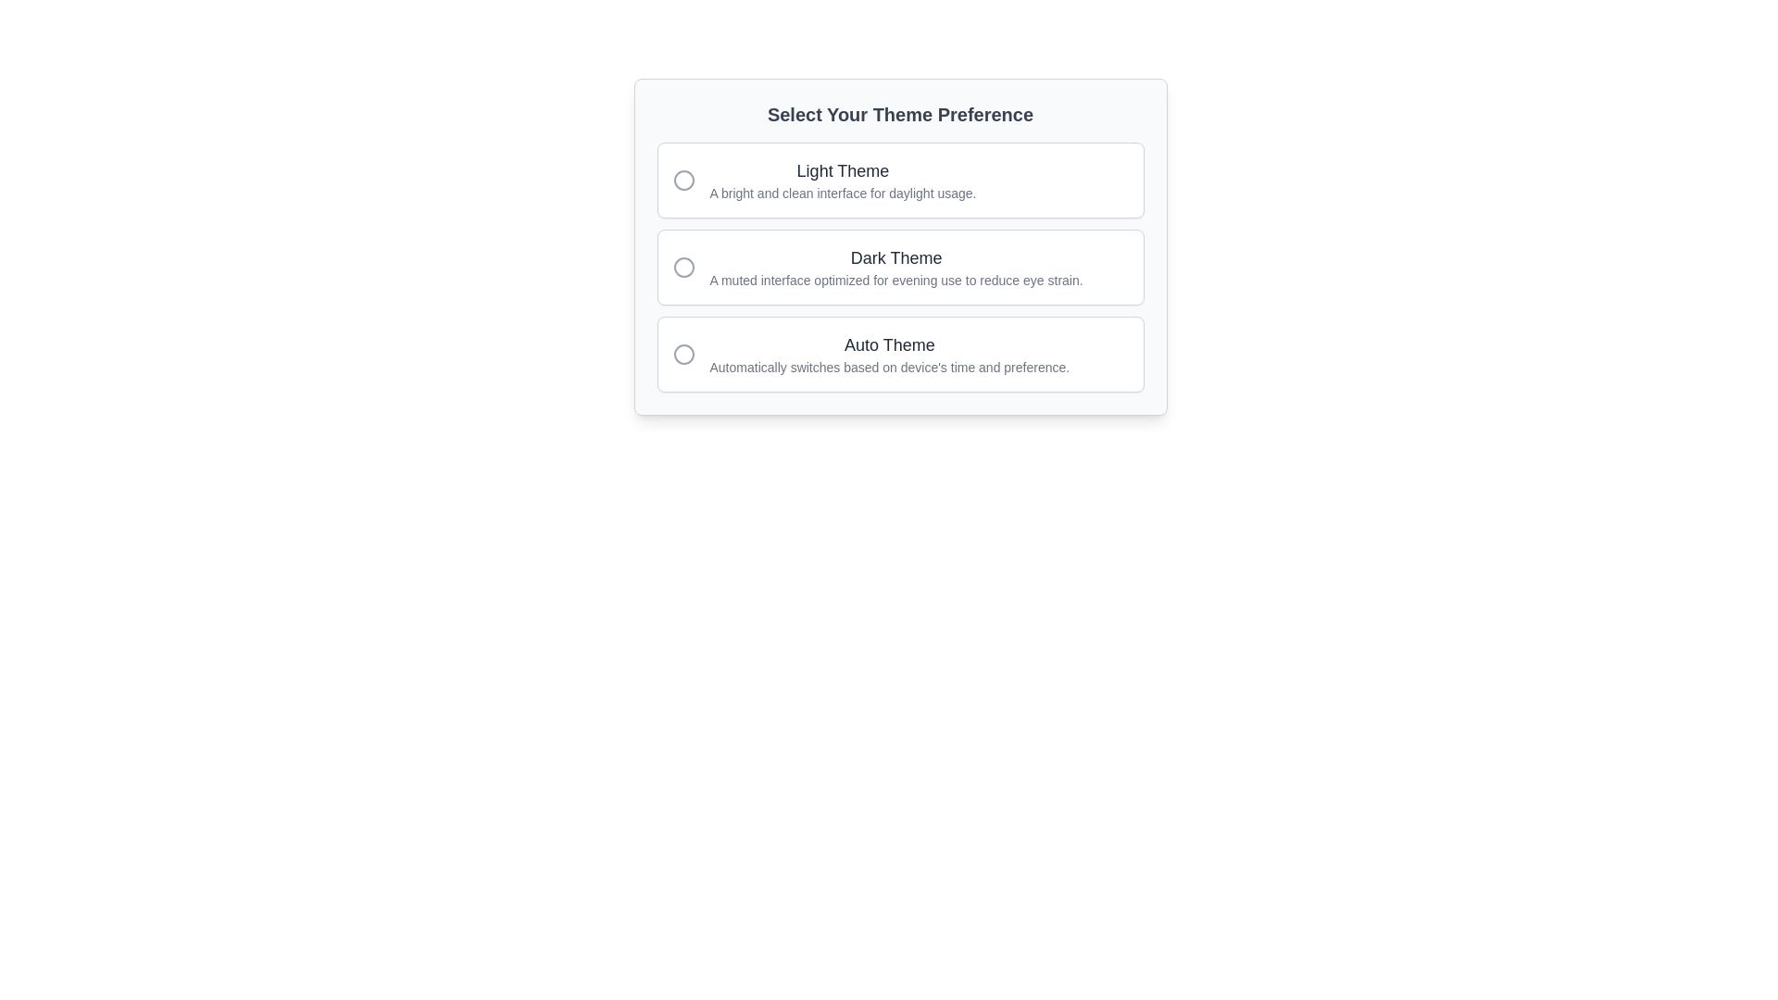  Describe the element at coordinates (900, 268) in the screenshot. I see `the selectable card with a radio button for the 'Dark Theme' option, which is the second option in the list of theme preferences` at that location.